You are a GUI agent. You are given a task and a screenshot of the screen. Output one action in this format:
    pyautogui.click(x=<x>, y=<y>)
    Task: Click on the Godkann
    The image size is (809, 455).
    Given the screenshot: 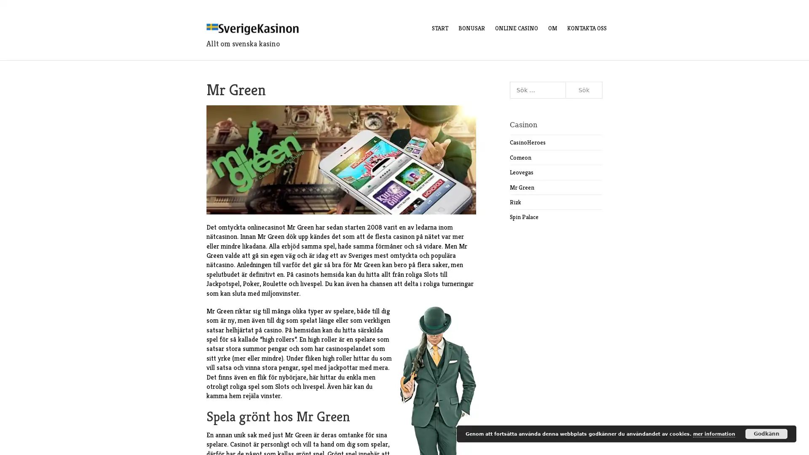 What is the action you would take?
    pyautogui.click(x=766, y=434)
    